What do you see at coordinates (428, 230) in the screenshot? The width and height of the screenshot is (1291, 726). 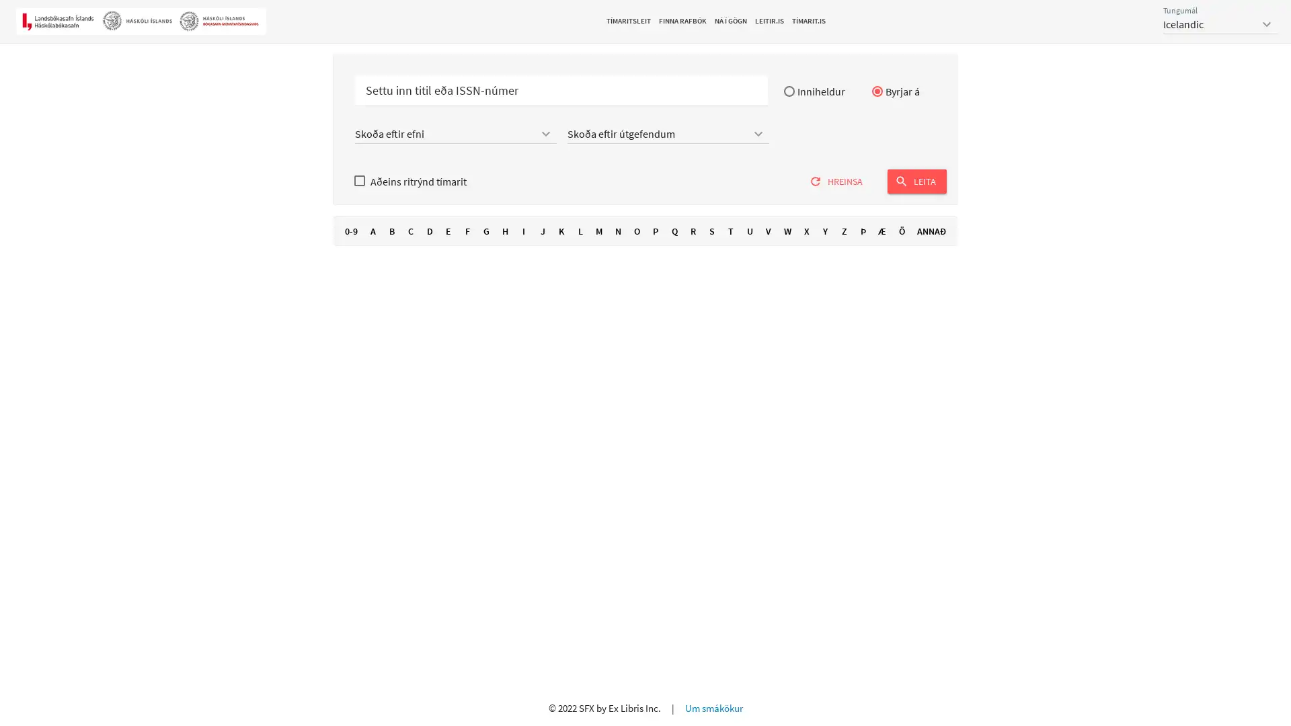 I see `D` at bounding box center [428, 230].